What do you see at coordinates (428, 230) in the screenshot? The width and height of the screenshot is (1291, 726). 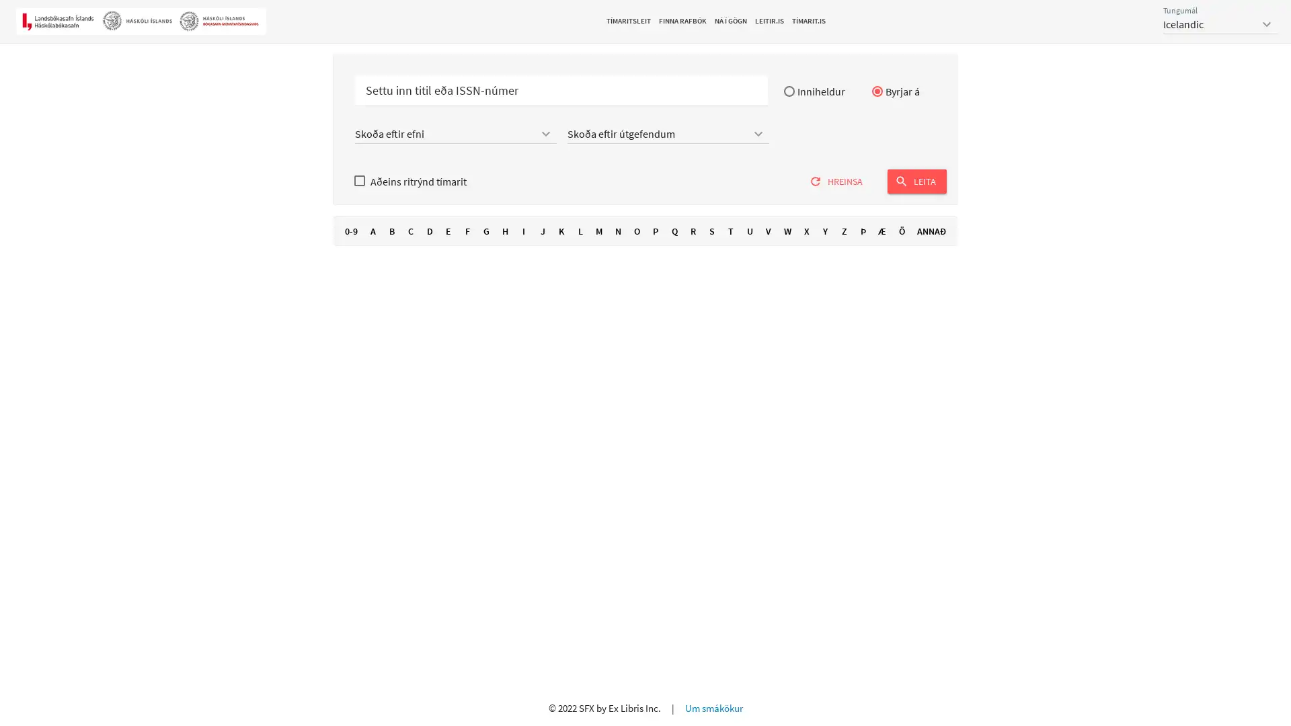 I see `D` at bounding box center [428, 230].